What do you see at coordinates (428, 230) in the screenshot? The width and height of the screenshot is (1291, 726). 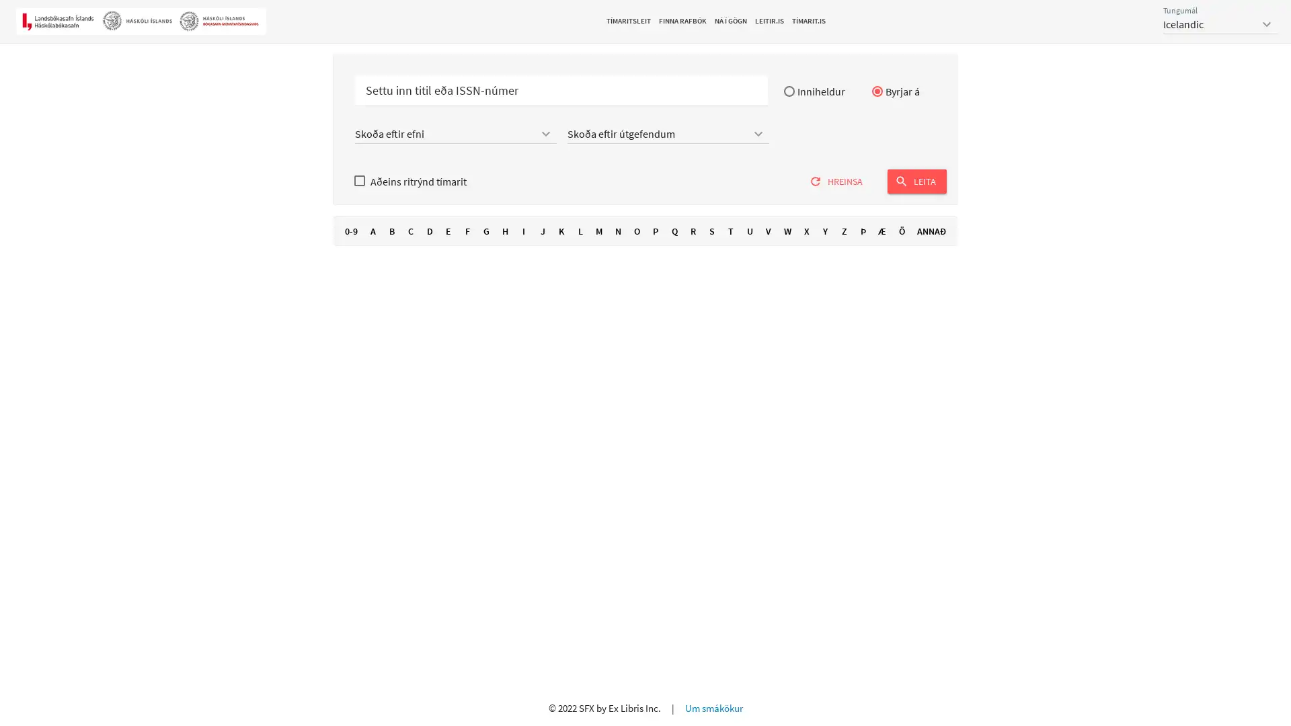 I see `D` at bounding box center [428, 230].